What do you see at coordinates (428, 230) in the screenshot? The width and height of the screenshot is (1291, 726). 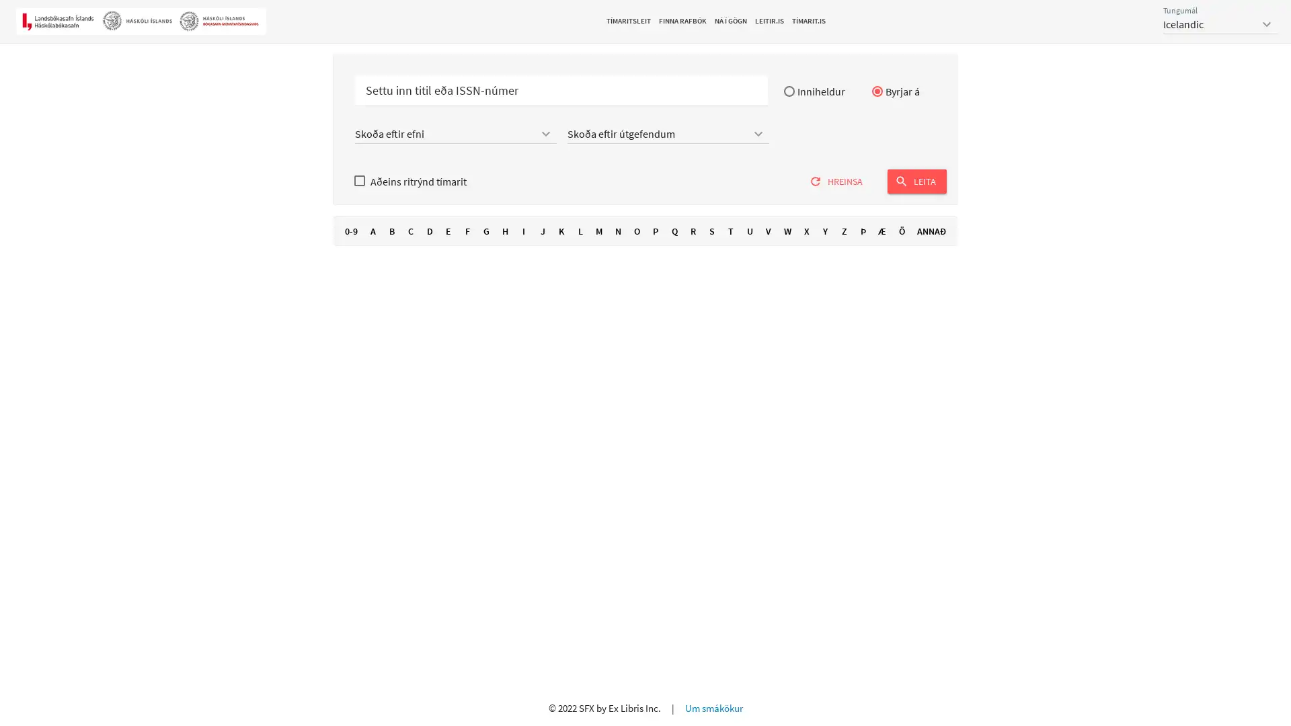 I see `D` at bounding box center [428, 230].